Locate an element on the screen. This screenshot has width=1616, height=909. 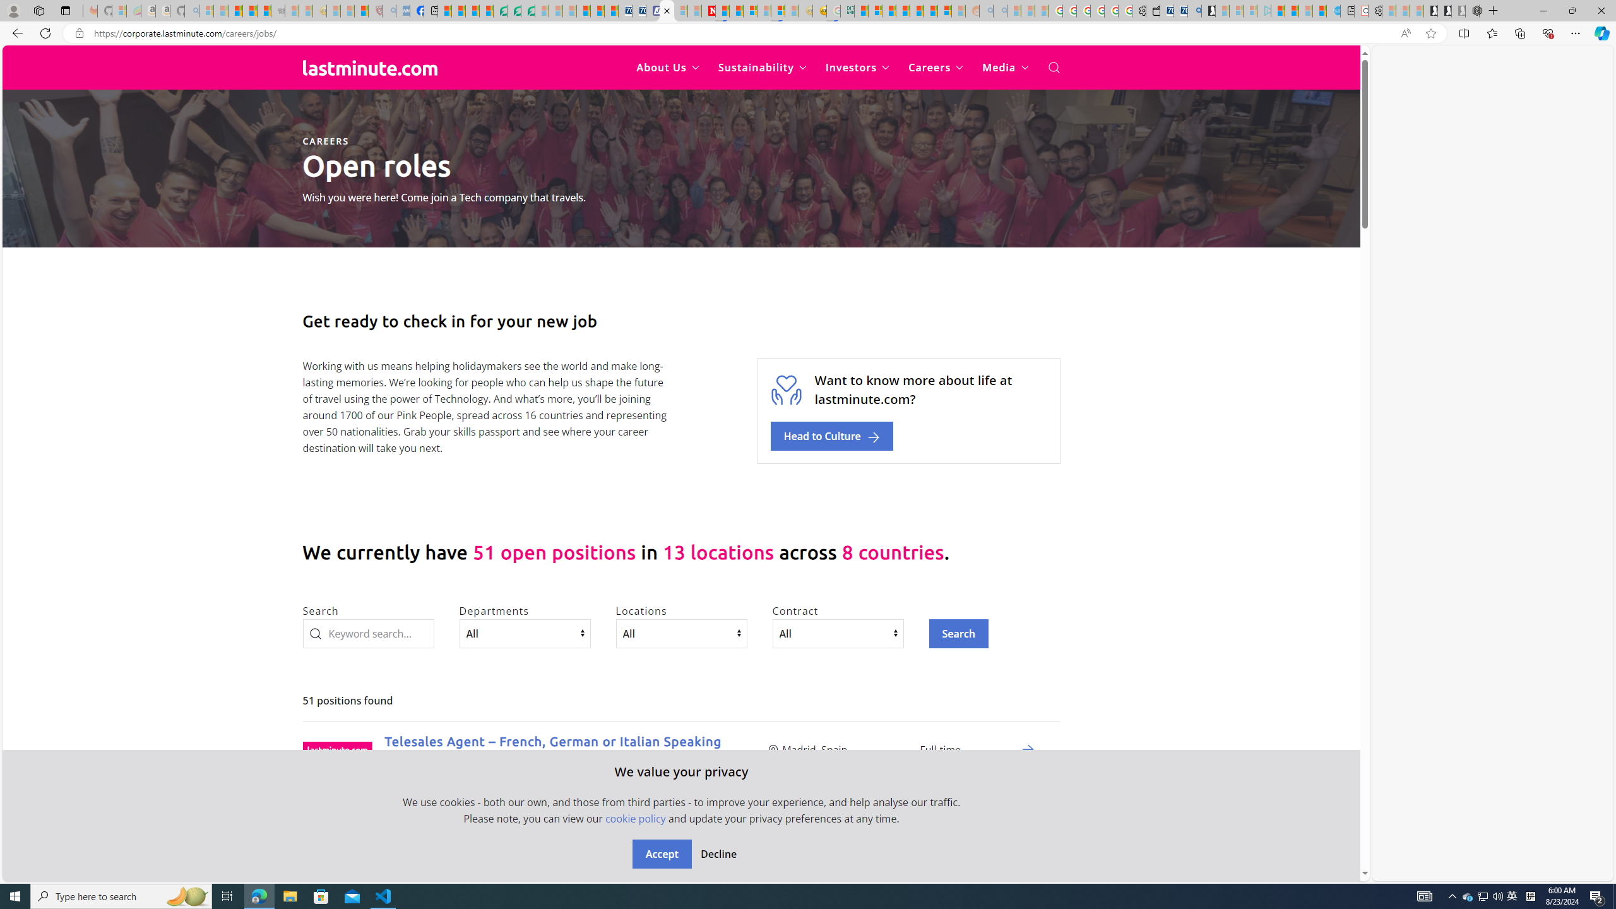
'Minimize' is located at coordinates (1542, 10).